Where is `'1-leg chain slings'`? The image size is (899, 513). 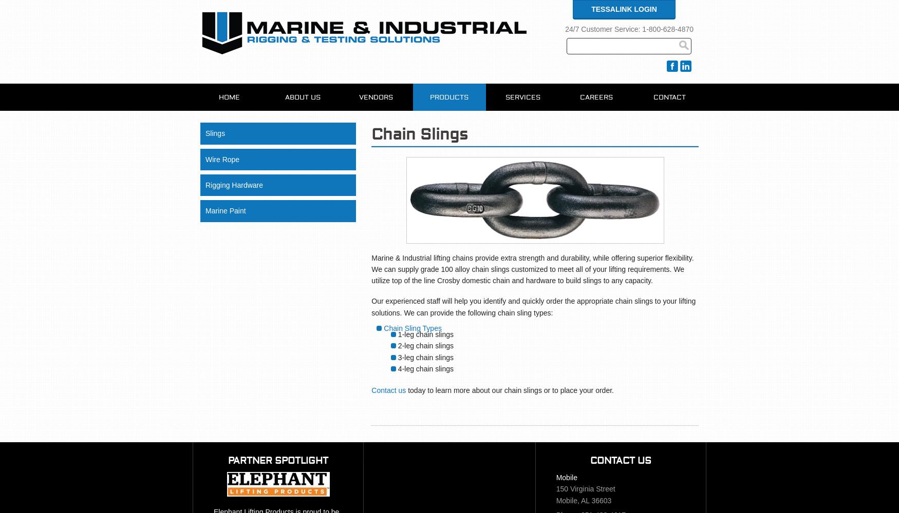 '1-leg chain slings' is located at coordinates (425, 334).